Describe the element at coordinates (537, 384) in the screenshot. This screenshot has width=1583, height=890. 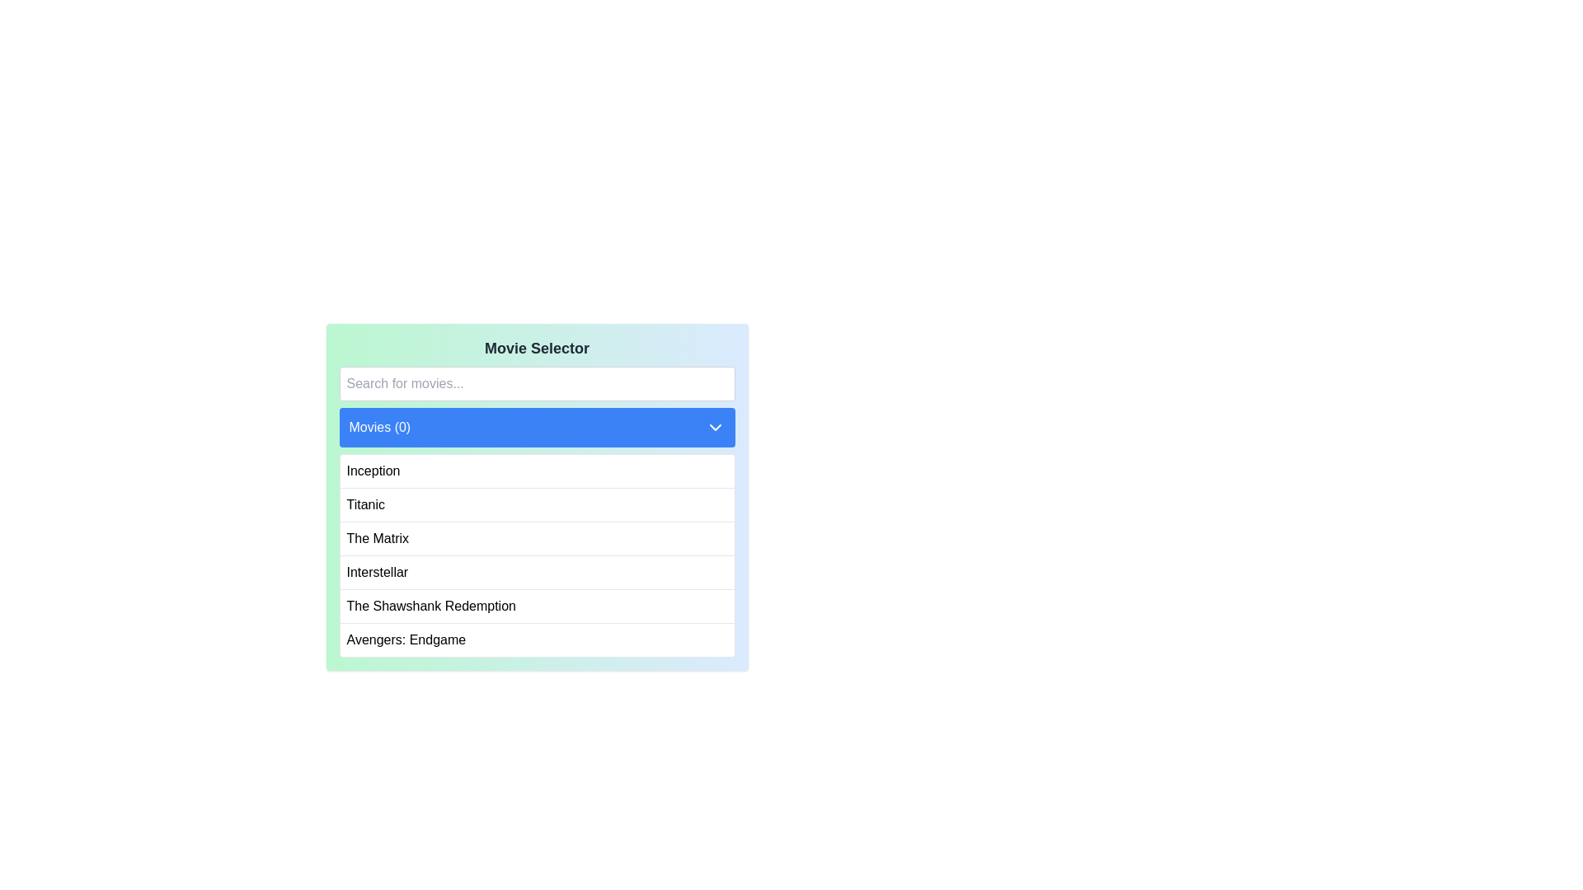
I see `the search input field located beneath the 'Movie Selector' title` at that location.